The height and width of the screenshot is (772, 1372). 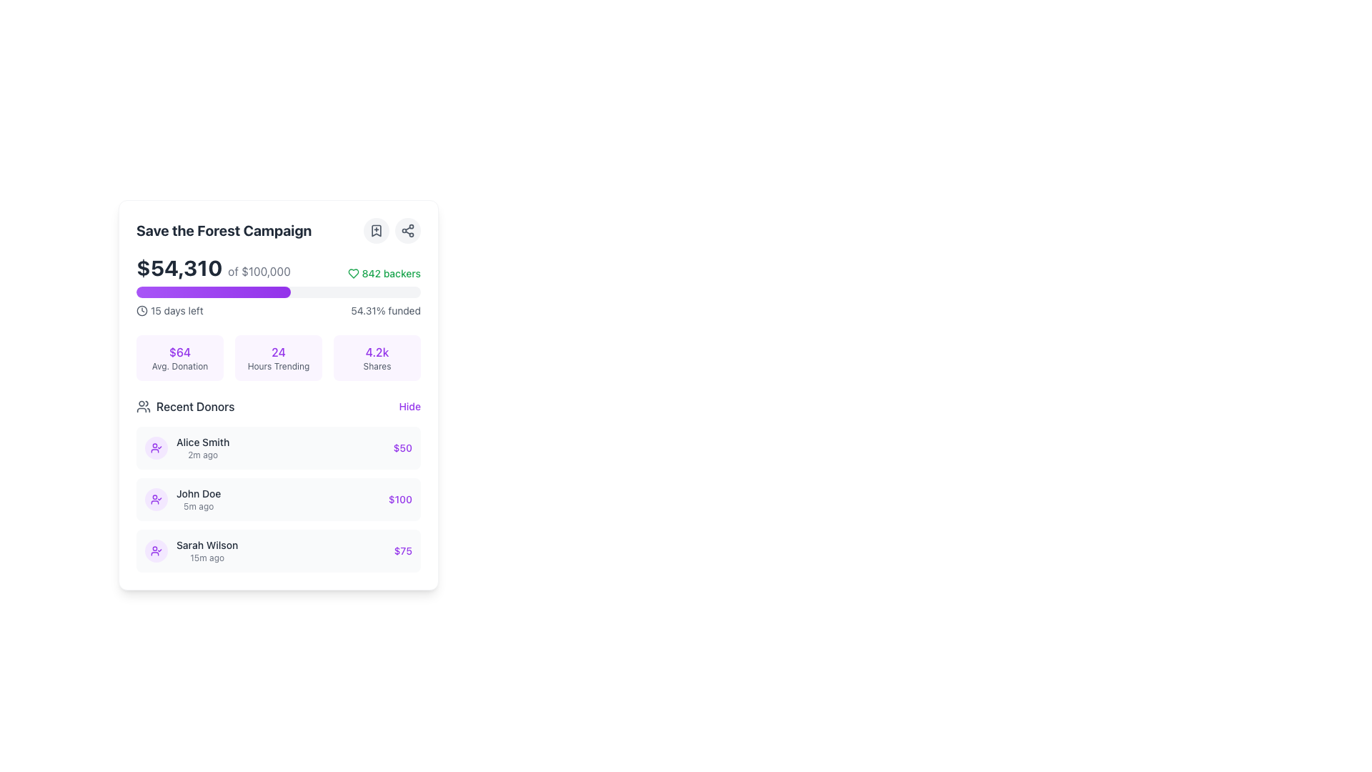 I want to click on the second row in the 'Recent Donors' section, which represents a donation entry showing the donor's name, profile status, and time of donation, so click(x=182, y=498).